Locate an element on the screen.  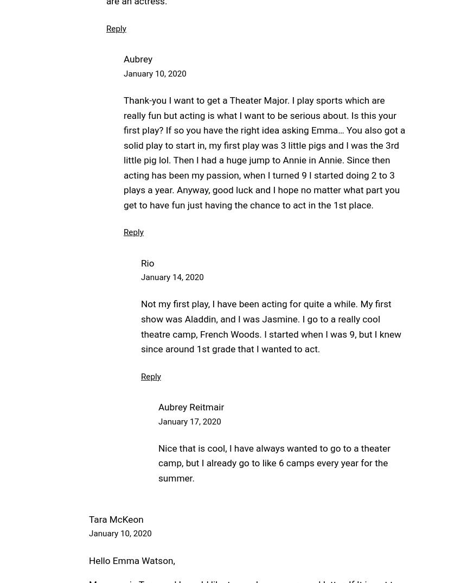
'Rio' is located at coordinates (147, 263).